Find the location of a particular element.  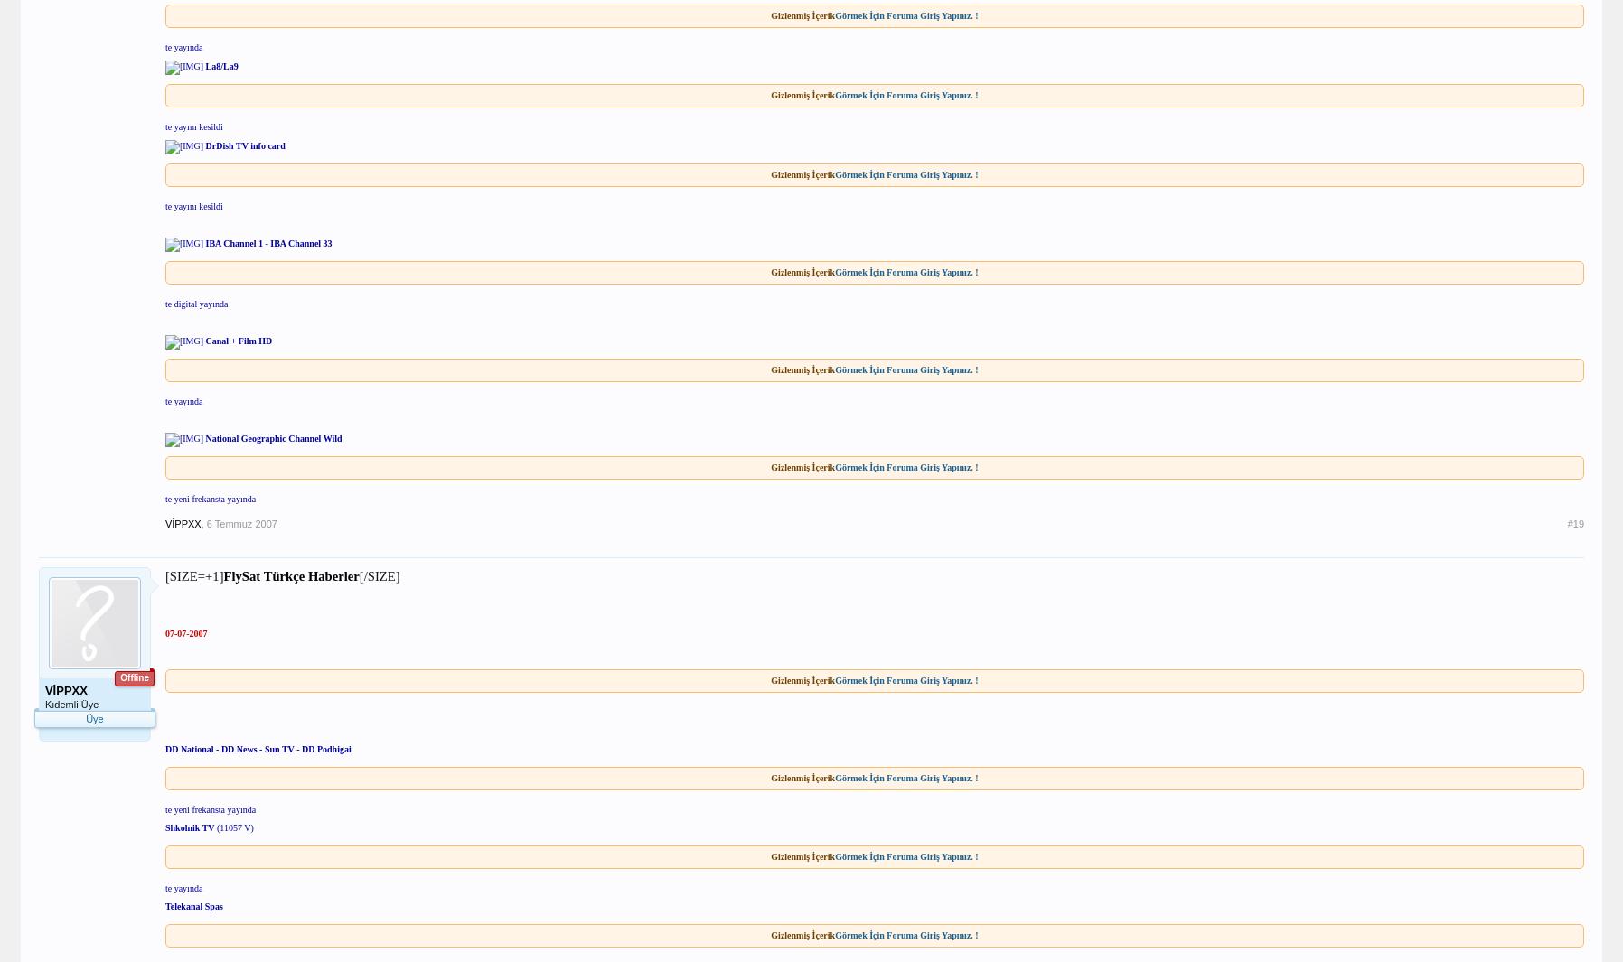

'Offline' is located at coordinates (133, 677).